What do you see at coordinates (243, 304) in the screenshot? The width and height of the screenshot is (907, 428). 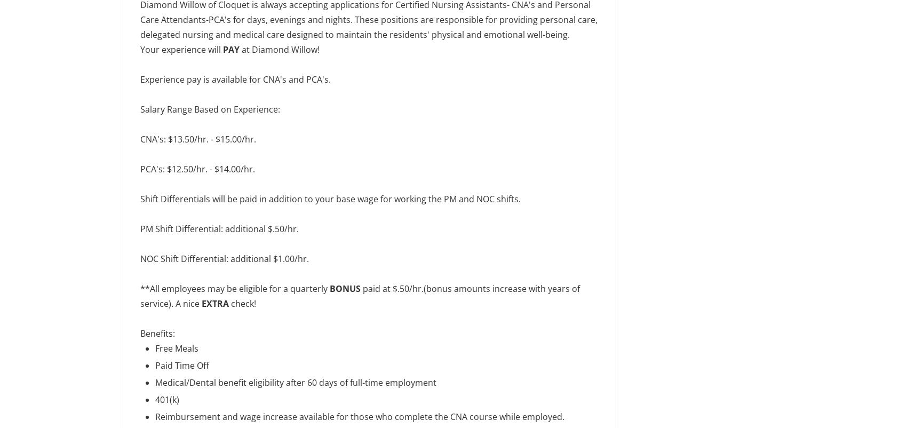 I see `'check!'` at bounding box center [243, 304].